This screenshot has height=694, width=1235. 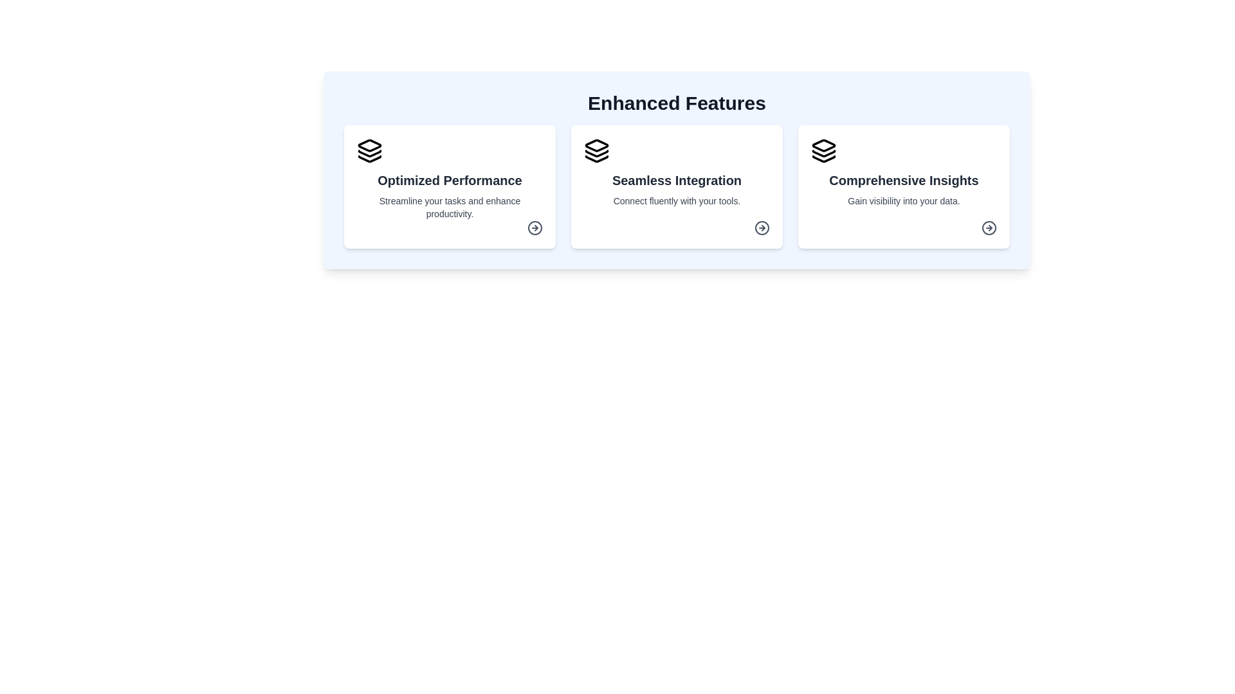 I want to click on the button-like icon located at the bottom-right corner of the 'Seamless Integration' card in the 'Enhanced Features' section to potentially see additional information, so click(x=762, y=227).